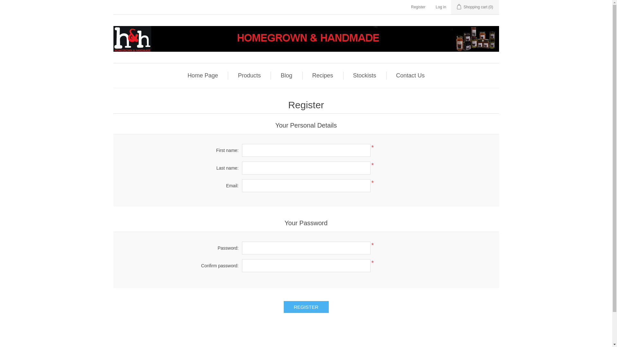  Describe the element at coordinates (364, 75) in the screenshot. I see `'Stockists'` at that location.